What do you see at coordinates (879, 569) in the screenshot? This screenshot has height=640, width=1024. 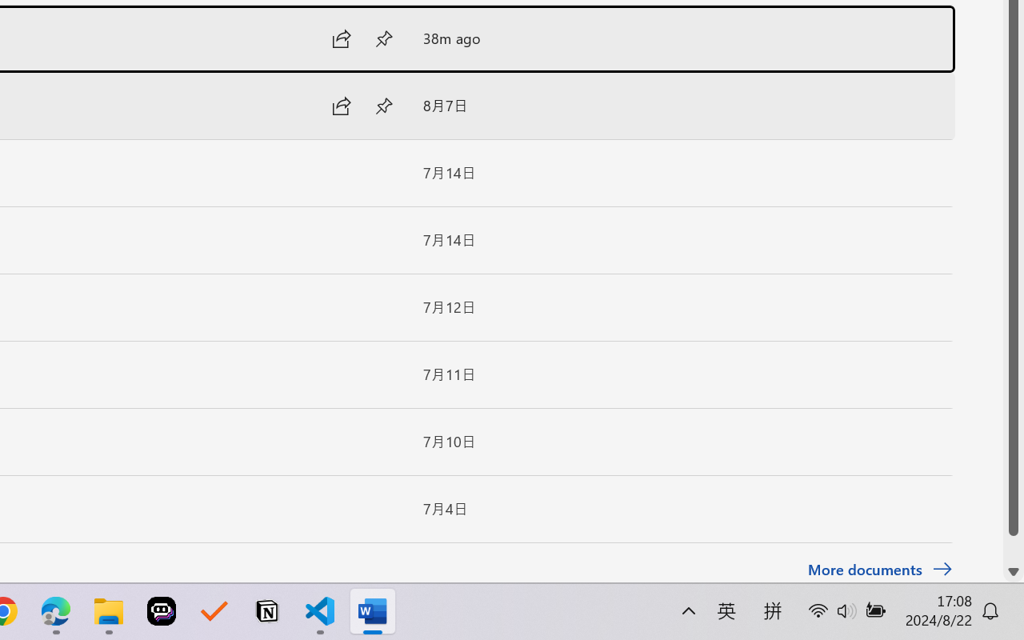 I see `'More documents'` at bounding box center [879, 569].